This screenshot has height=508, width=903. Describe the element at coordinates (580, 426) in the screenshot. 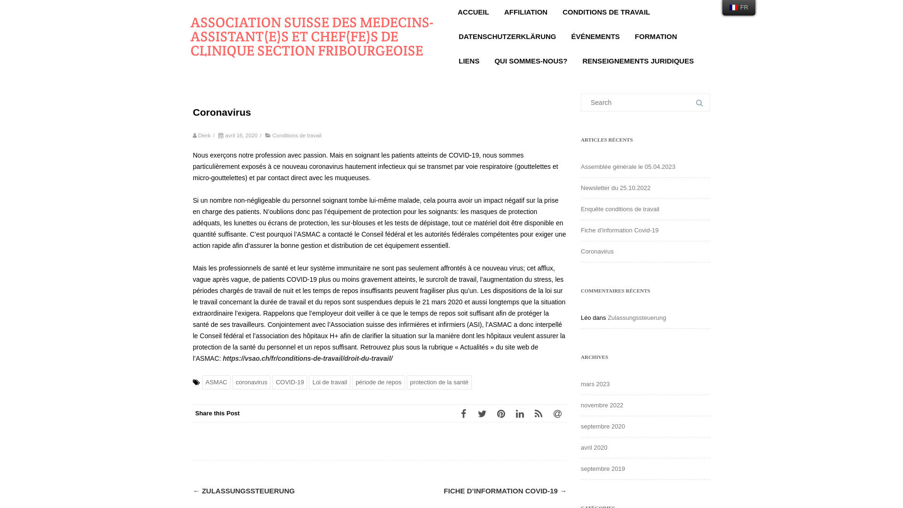

I see `'septembre 2020'` at that location.